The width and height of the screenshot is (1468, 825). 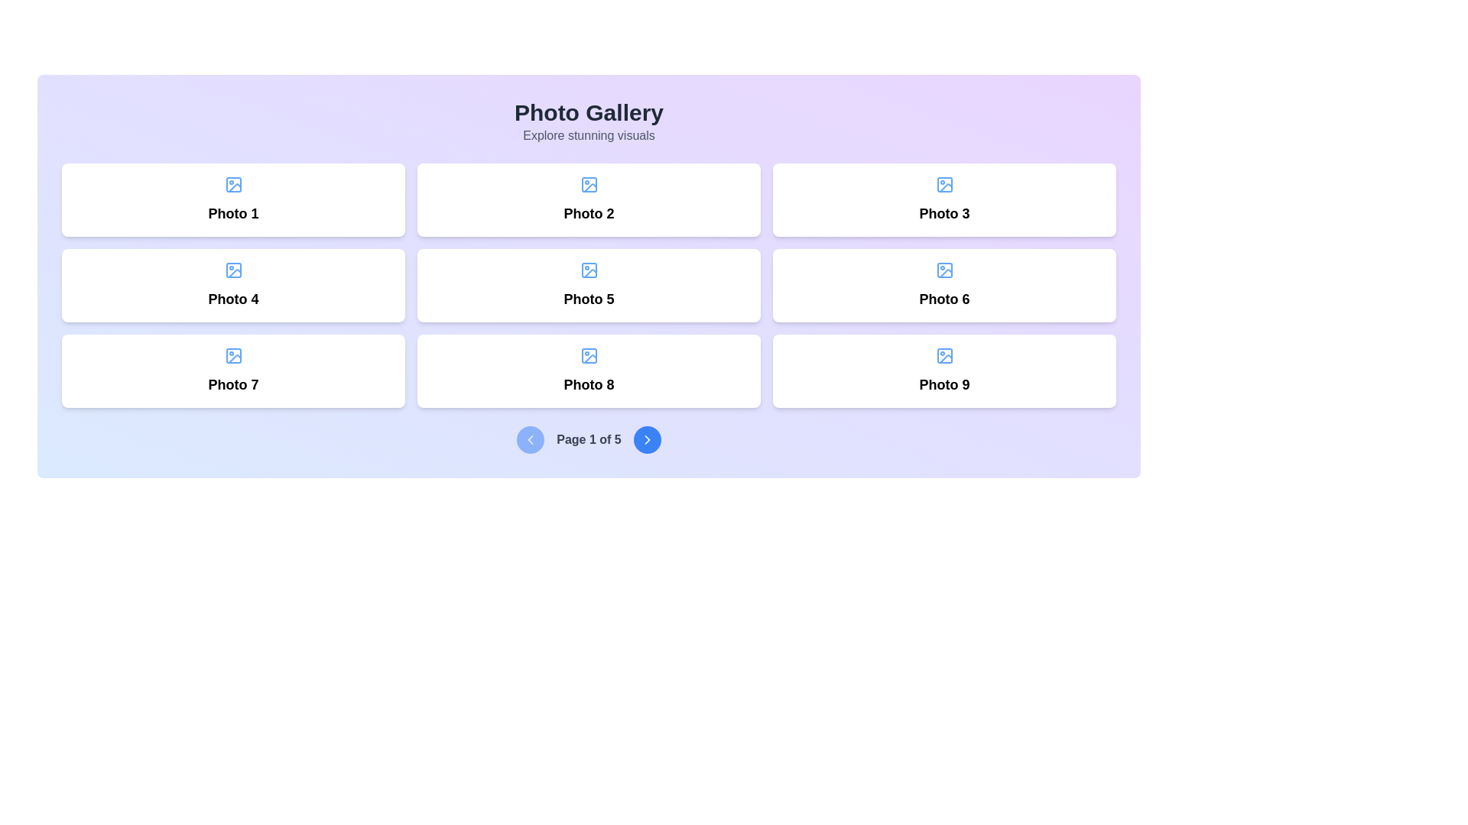 I want to click on the rounded rectangle element that is part of the blue image icon associated with the tile labeled 'Photo 5', located in the second row and second column of the grid, so click(x=588, y=270).